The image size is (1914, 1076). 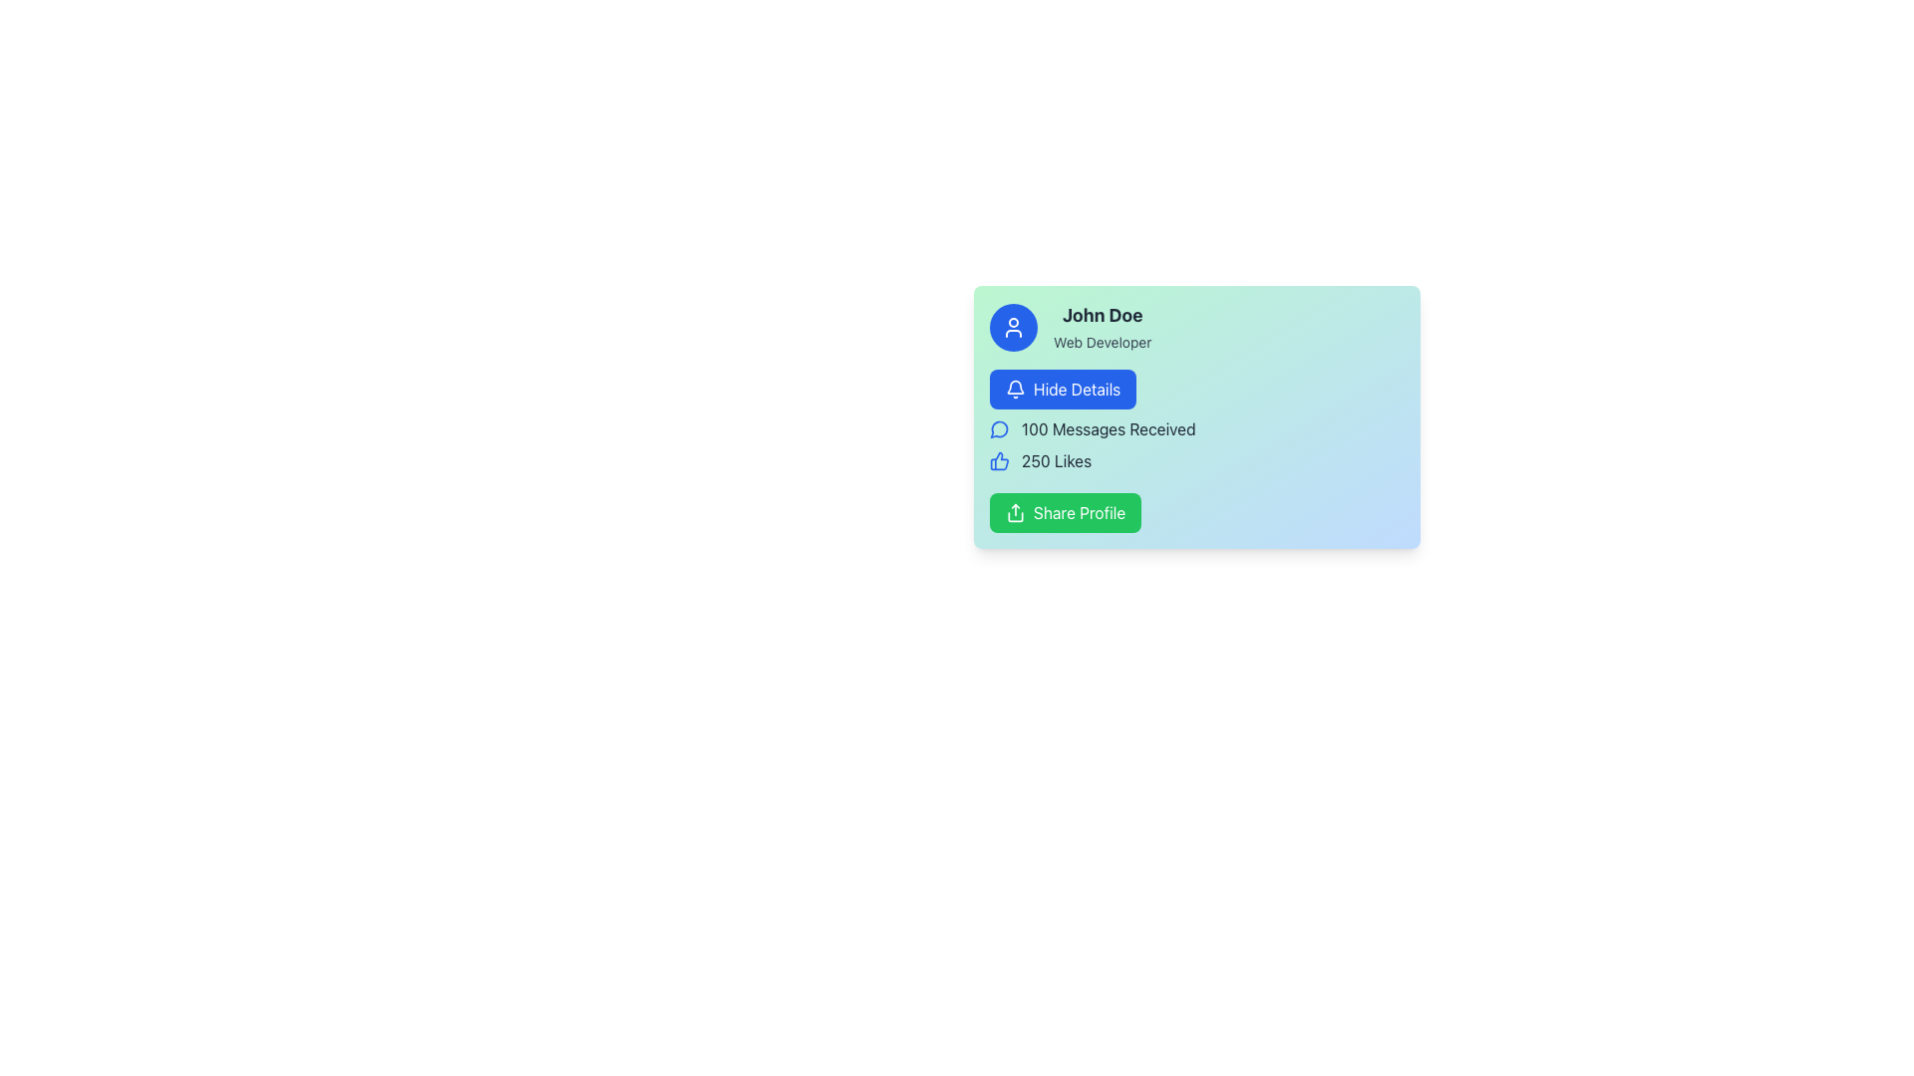 What do you see at coordinates (1015, 387) in the screenshot?
I see `the notifications represented by the bell icon located in the top left corner of the profile card, above the 'Hide Details' button` at bounding box center [1015, 387].